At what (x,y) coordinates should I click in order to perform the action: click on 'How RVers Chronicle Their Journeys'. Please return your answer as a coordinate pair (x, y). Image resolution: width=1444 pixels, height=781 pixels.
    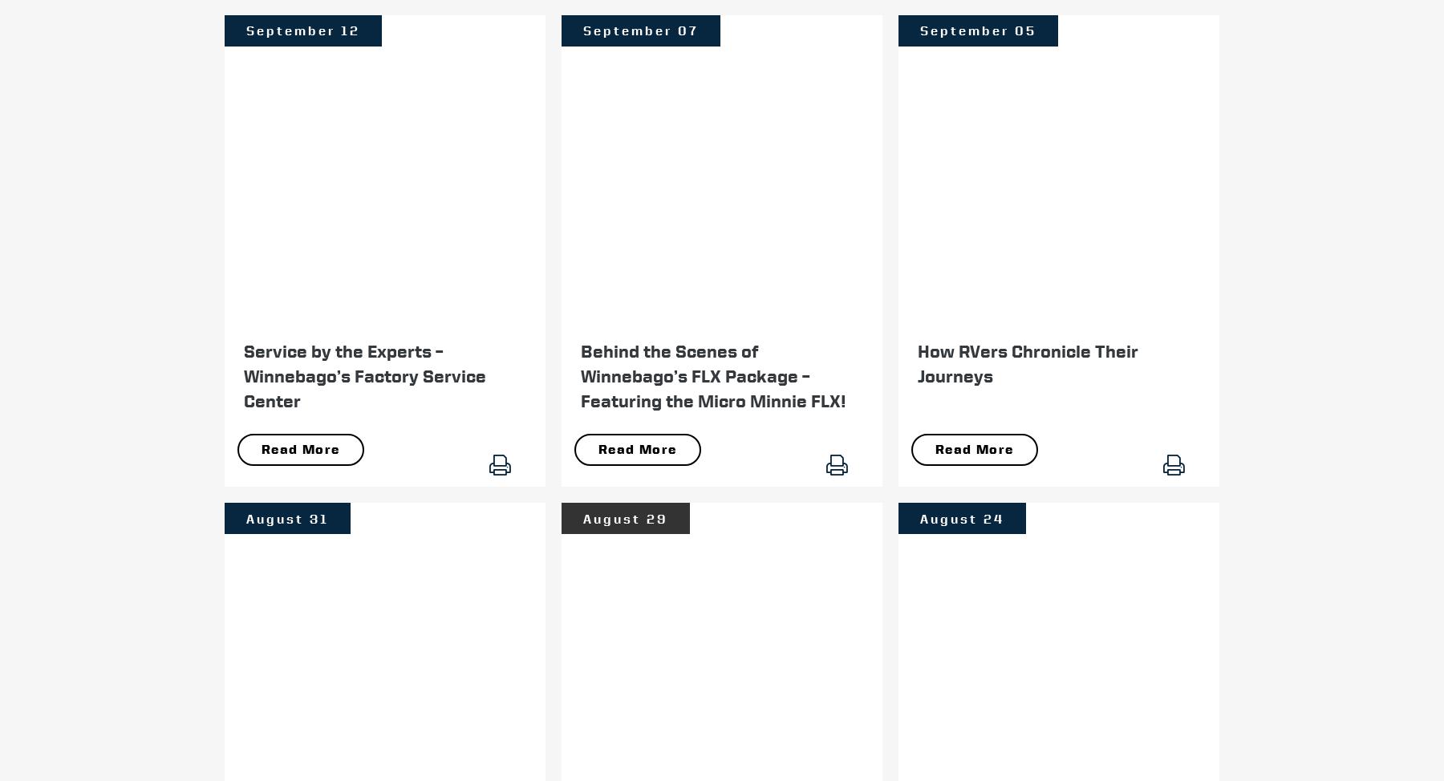
    Looking at the image, I should click on (1028, 362).